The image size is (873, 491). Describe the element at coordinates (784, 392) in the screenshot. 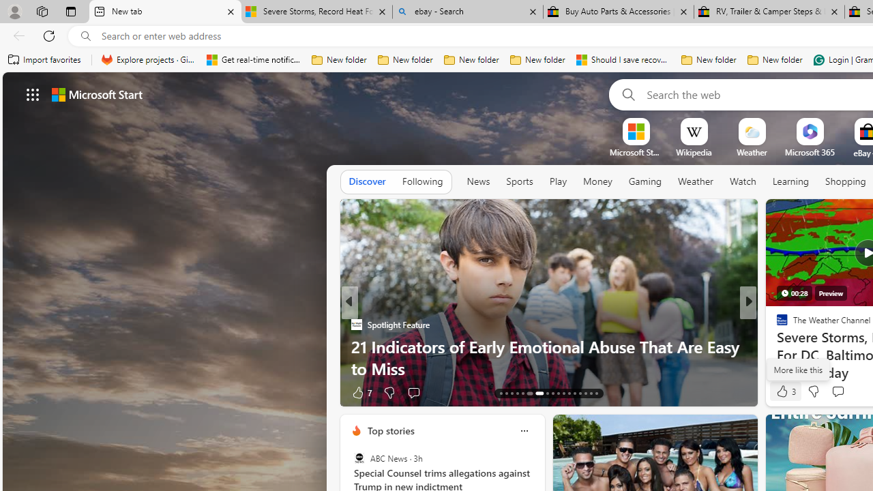

I see `'13 Like'` at that location.